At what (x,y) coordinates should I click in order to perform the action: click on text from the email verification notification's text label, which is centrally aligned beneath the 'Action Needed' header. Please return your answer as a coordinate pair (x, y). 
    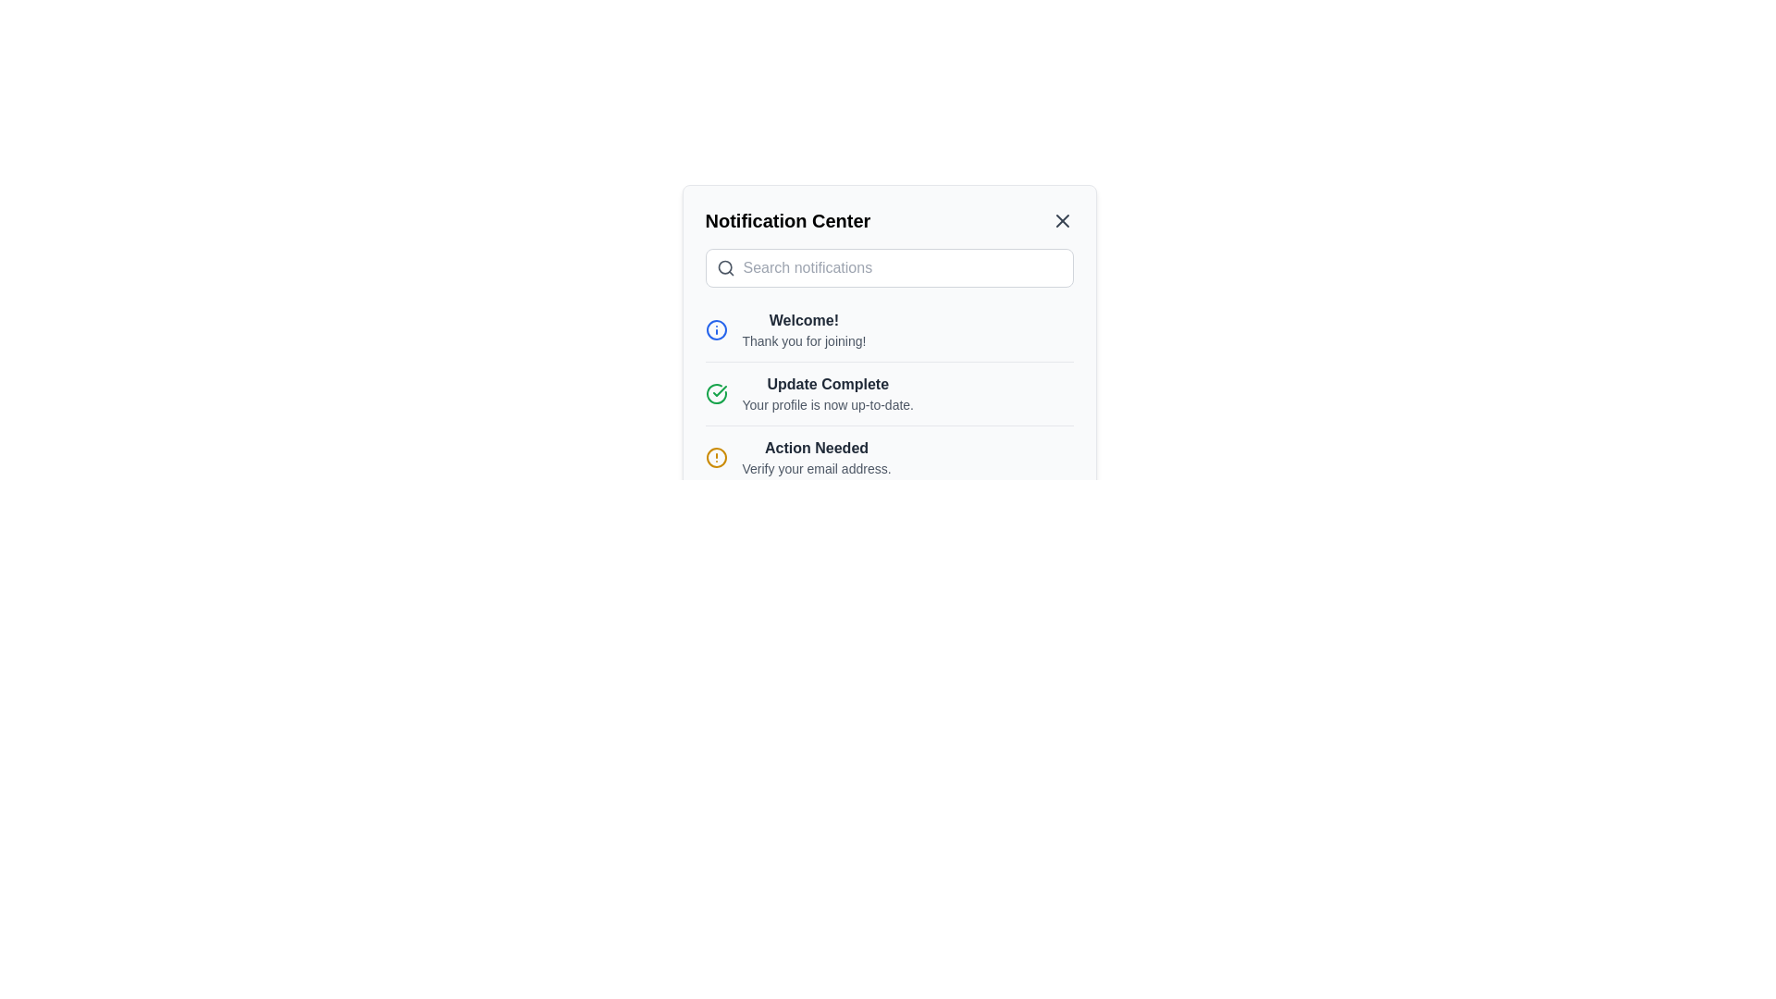
    Looking at the image, I should click on (816, 467).